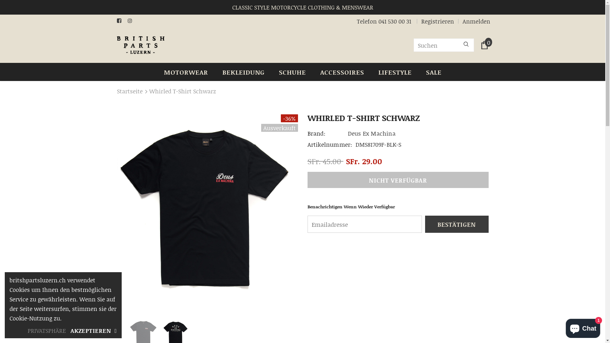  What do you see at coordinates (433, 71) in the screenshot?
I see `'SALE'` at bounding box center [433, 71].